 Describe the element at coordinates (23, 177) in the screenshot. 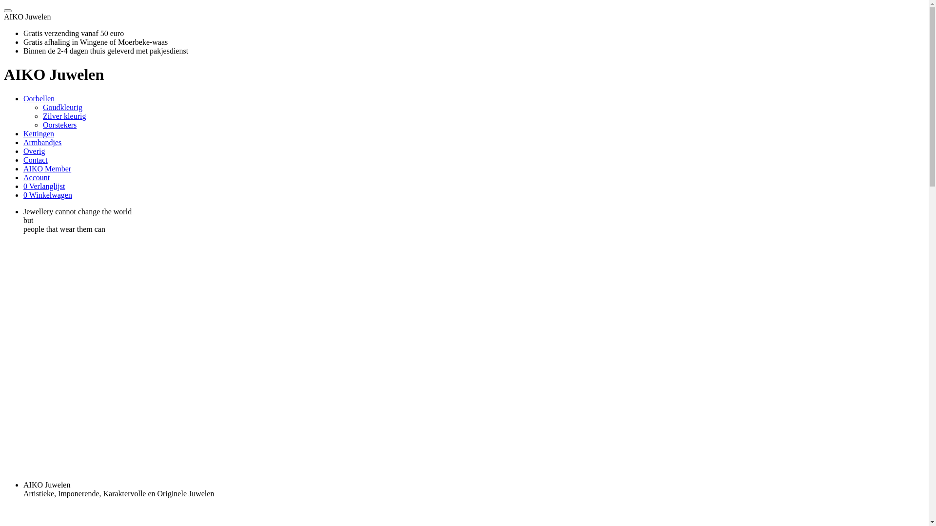

I see `'Account'` at that location.